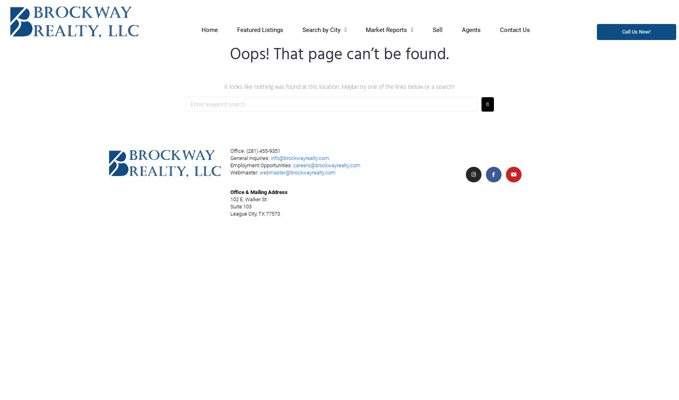  Describe the element at coordinates (321, 29) in the screenshot. I see `'Search by City'` at that location.